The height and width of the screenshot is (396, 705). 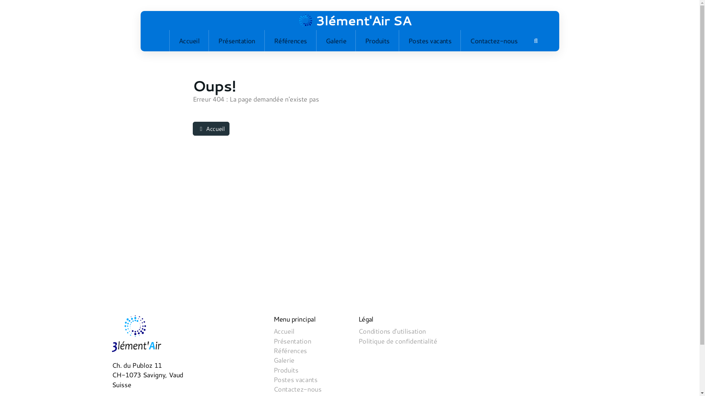 I want to click on 'Postes vacants', so click(x=398, y=41).